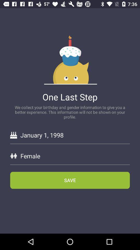 The image size is (140, 250). I want to click on the save icon, so click(70, 180).